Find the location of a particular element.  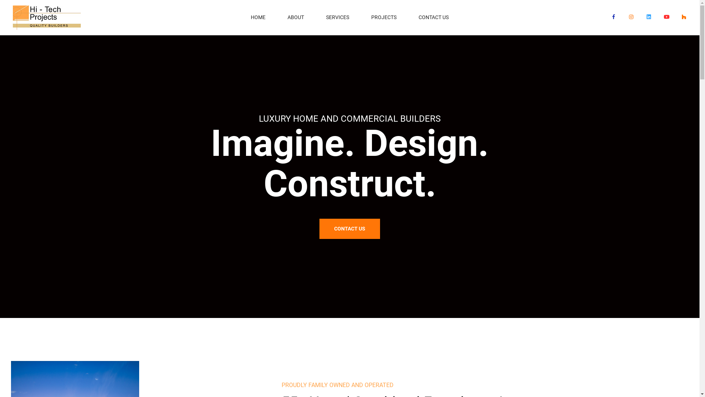

'ABOUT' is located at coordinates (296, 17).